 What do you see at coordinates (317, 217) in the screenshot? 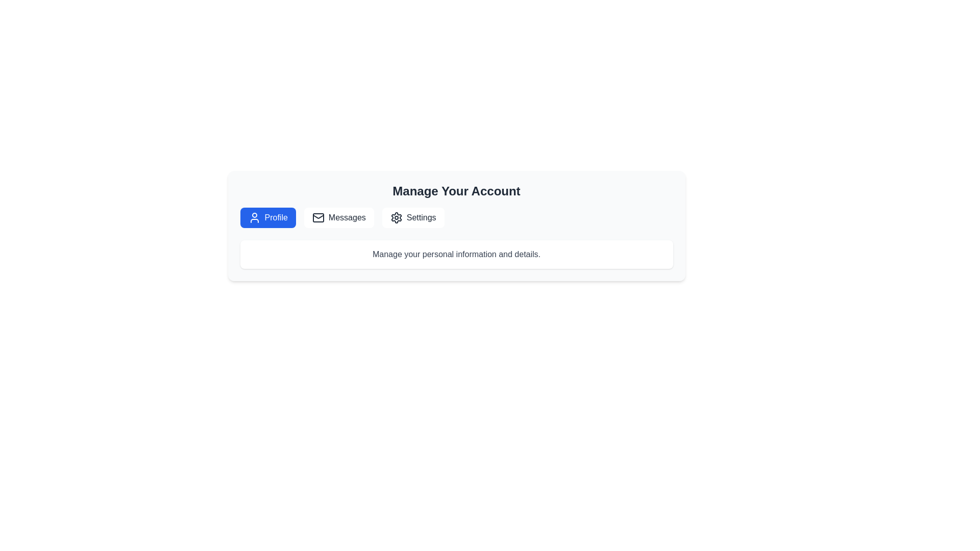
I see `the rectangular shape with slightly rounded corners inside the envelope icon, located to the left of the 'Messages' text` at bounding box center [317, 217].